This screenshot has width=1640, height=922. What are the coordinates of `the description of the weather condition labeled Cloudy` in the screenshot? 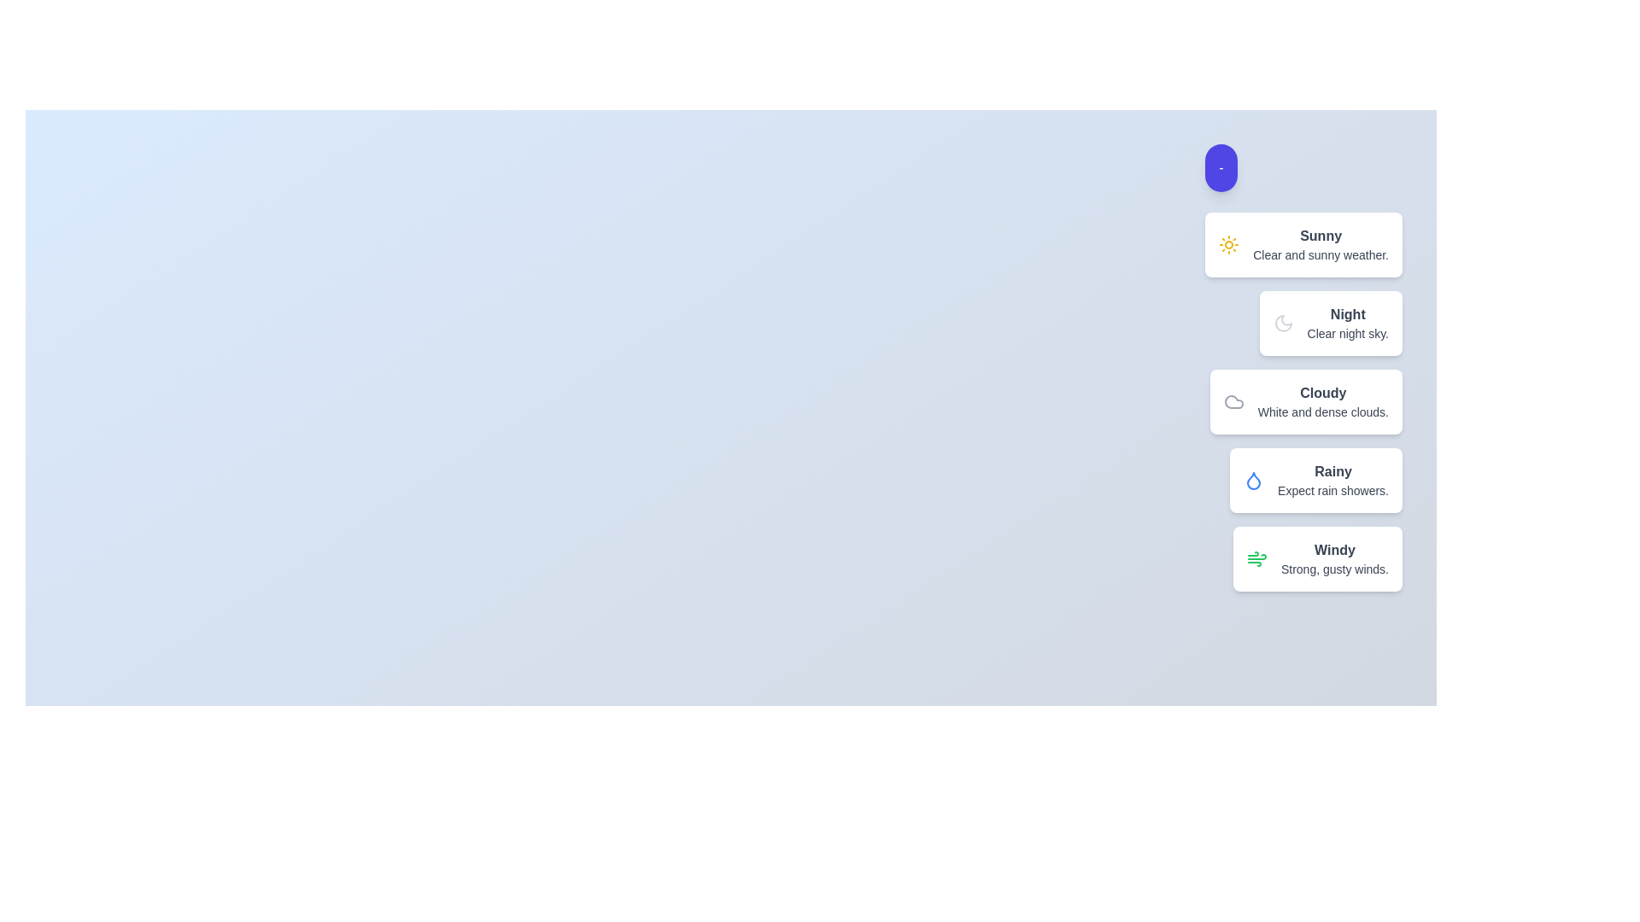 It's located at (1322, 394).